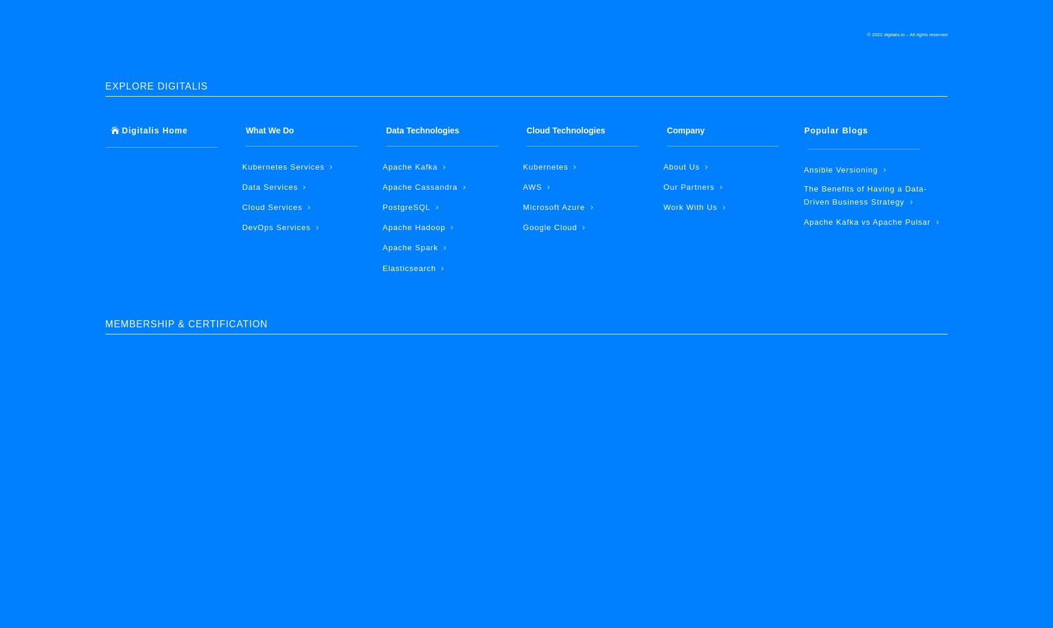 The height and width of the screenshot is (628, 1053). I want to click on 'AWS', so click(531, 187).